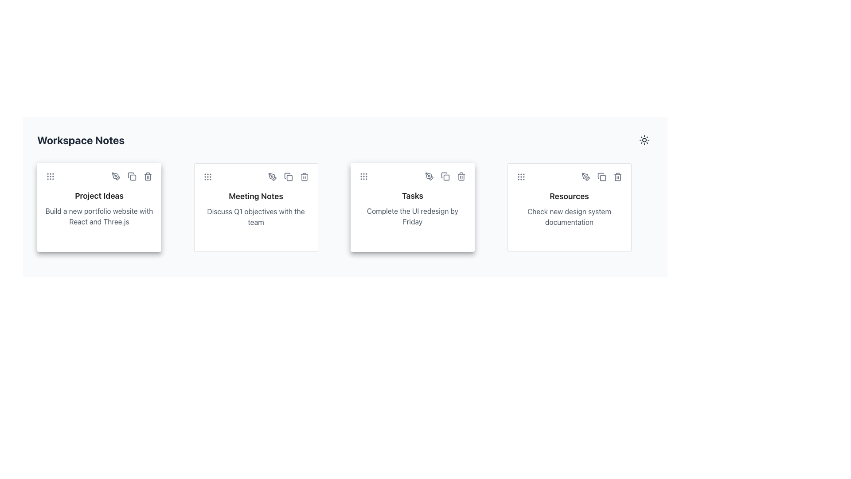 The width and height of the screenshot is (851, 479). Describe the element at coordinates (644, 140) in the screenshot. I see `the toggle button located in the top-right corner of the interface to switch between light and dark modes` at that location.